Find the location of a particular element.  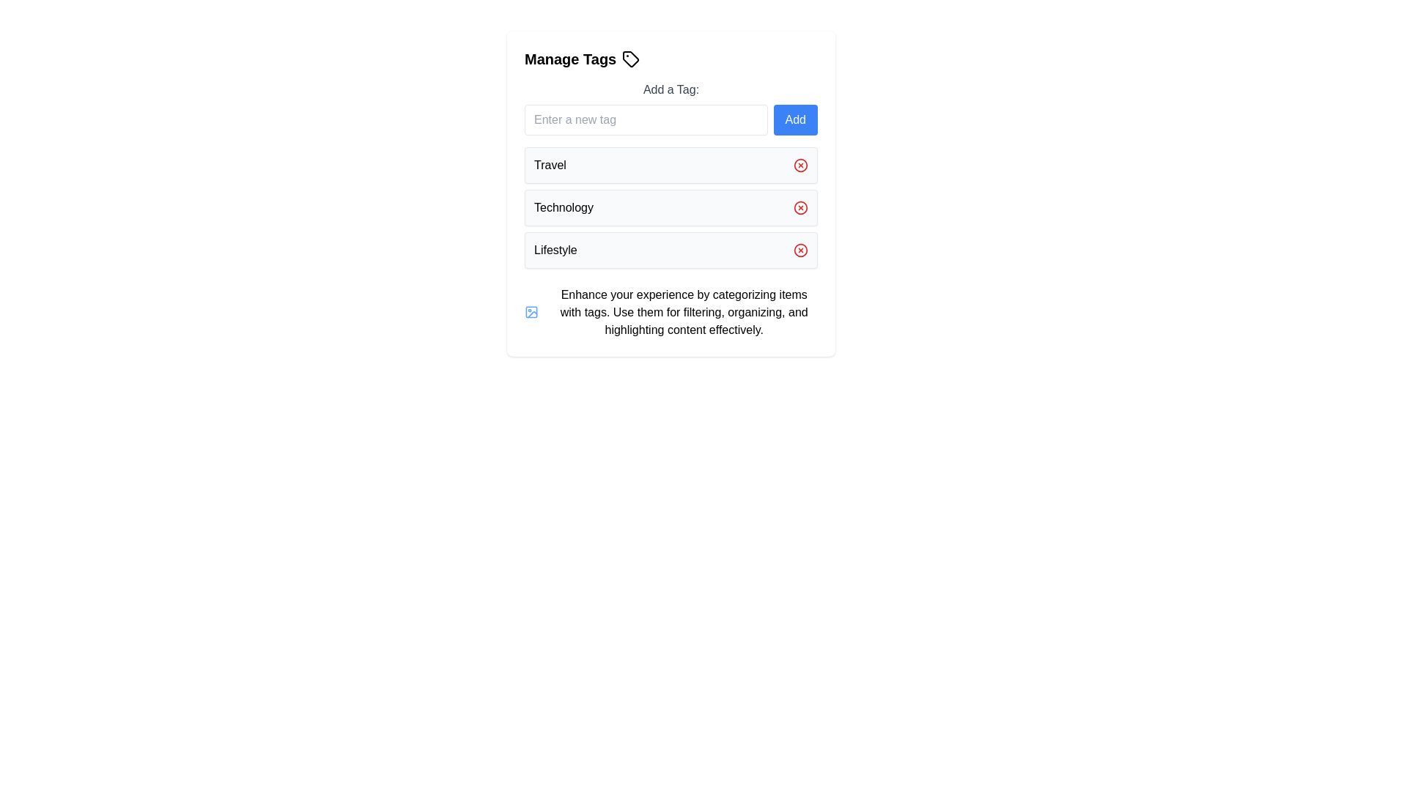

the 'Technology' text label in the 'Manage Tags' interface, which is the second item in a vertical list, to access adjacent actionable components is located at coordinates (563, 208).